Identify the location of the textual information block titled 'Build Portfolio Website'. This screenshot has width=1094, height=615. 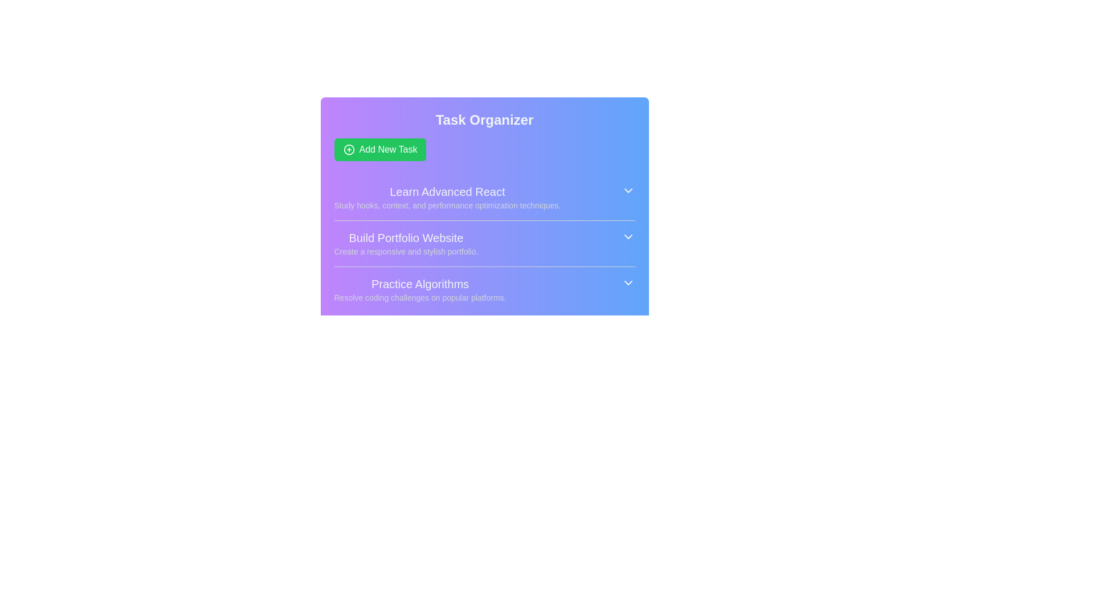
(484, 243).